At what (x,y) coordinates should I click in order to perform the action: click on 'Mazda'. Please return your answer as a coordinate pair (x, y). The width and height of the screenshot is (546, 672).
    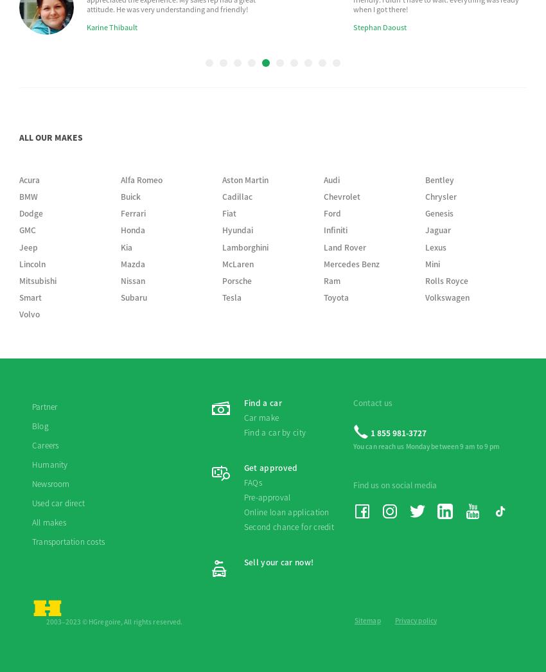
    Looking at the image, I should click on (132, 19).